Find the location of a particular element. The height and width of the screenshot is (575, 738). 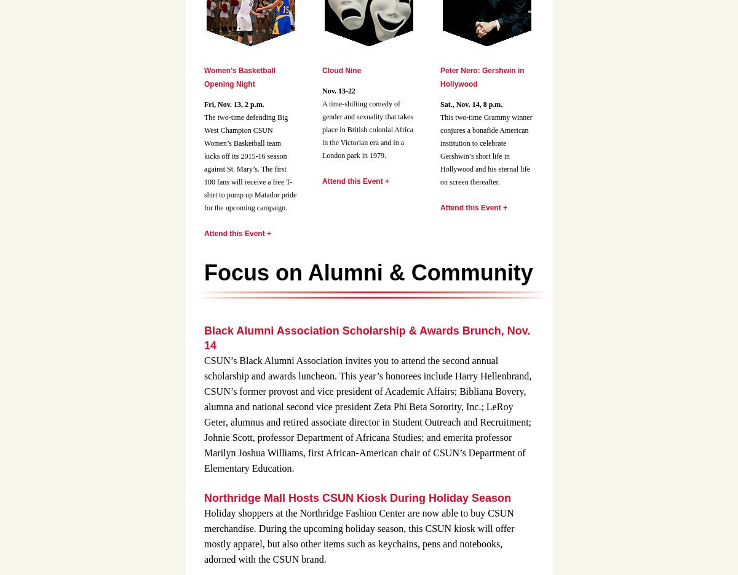

'Northridge Mall Hosts CSUN Kiosk During Holiday Season' is located at coordinates (357, 498).